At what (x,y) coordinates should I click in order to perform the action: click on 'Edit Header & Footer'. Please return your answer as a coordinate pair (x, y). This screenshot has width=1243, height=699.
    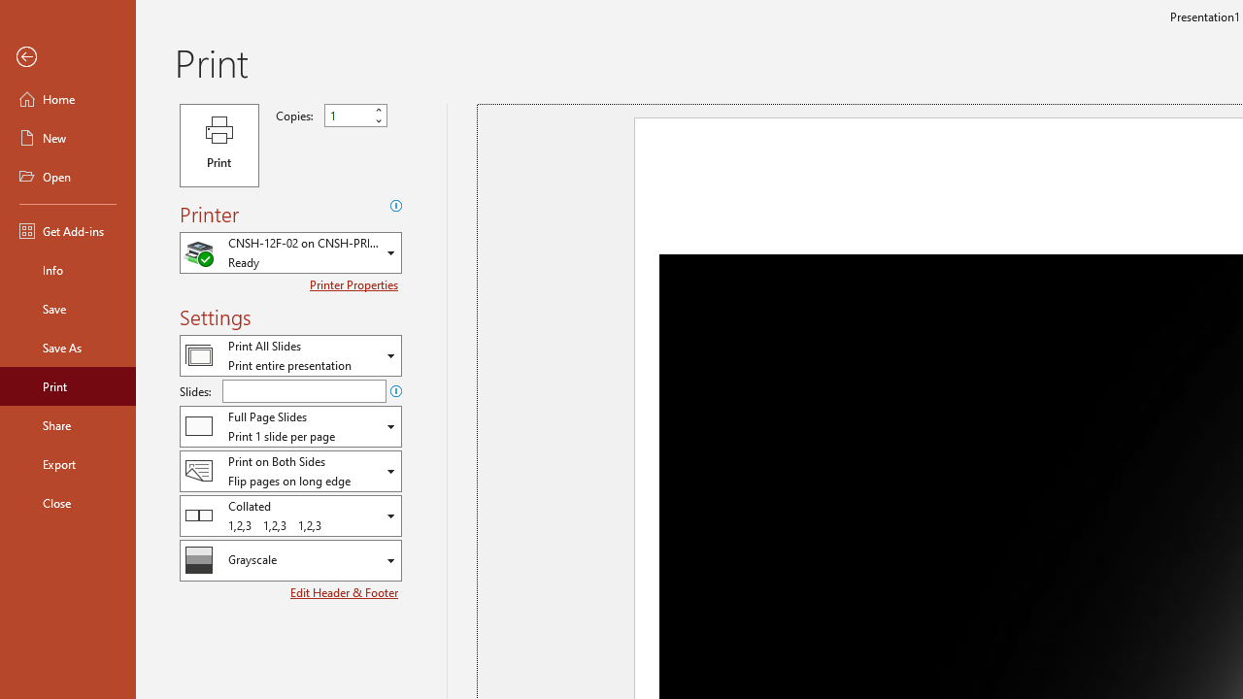
    Looking at the image, I should click on (346, 591).